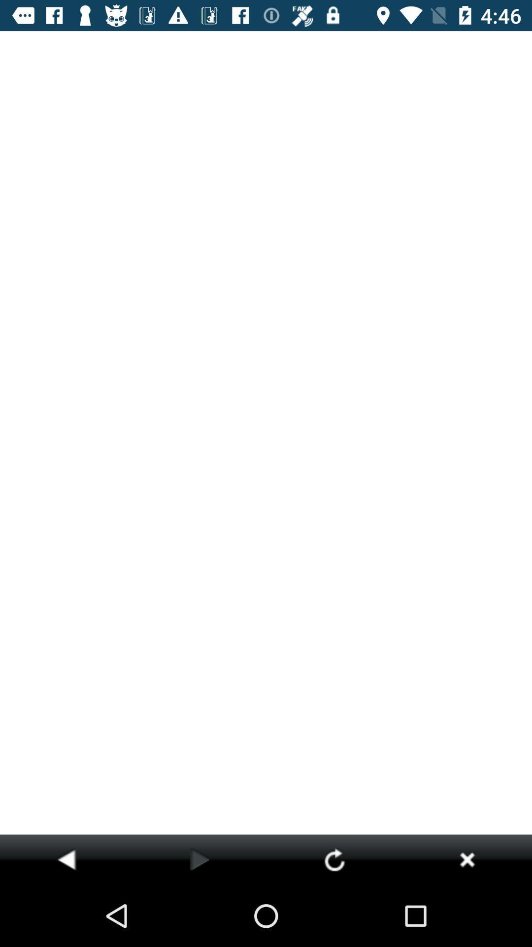 The width and height of the screenshot is (532, 947). I want to click on this track, so click(199, 859).